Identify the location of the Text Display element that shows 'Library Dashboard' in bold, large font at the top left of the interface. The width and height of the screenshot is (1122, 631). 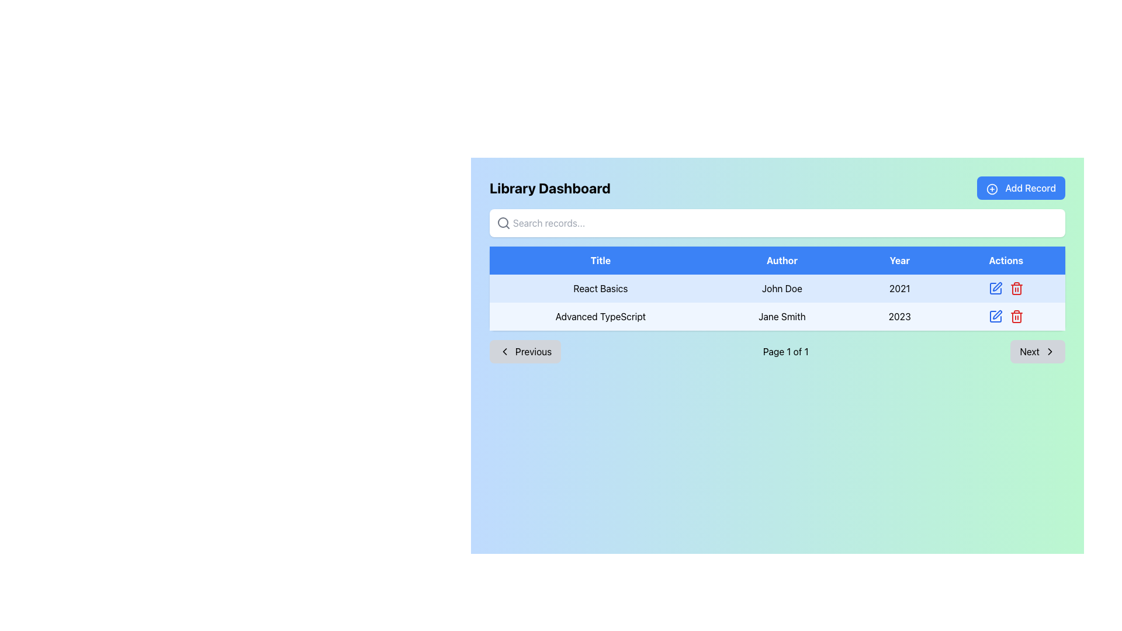
(549, 187).